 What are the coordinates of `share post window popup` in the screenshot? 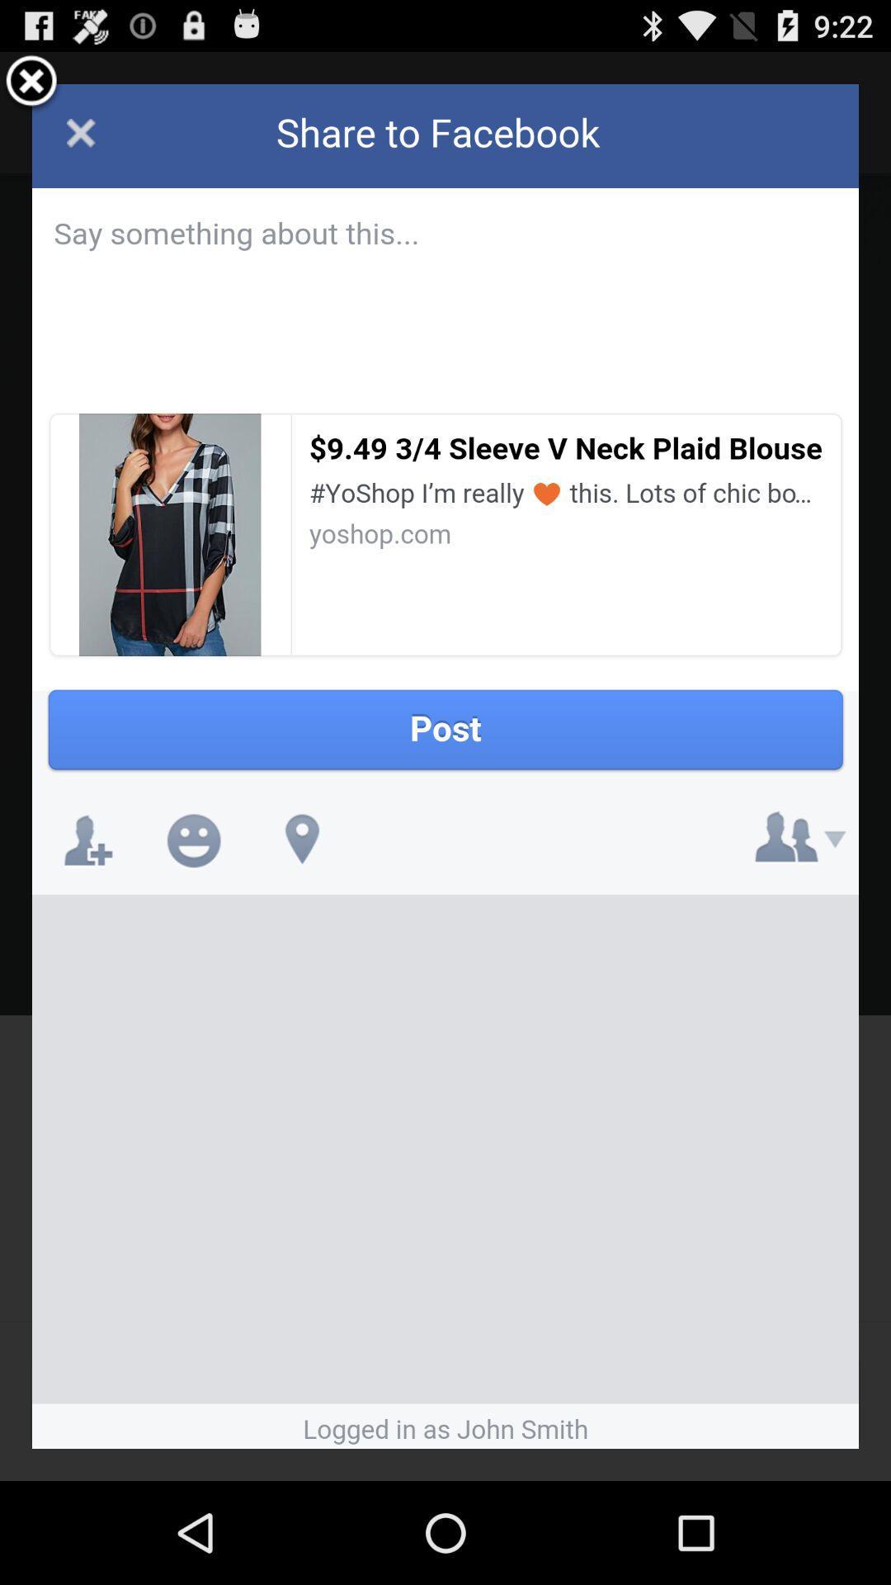 It's located at (445, 765).